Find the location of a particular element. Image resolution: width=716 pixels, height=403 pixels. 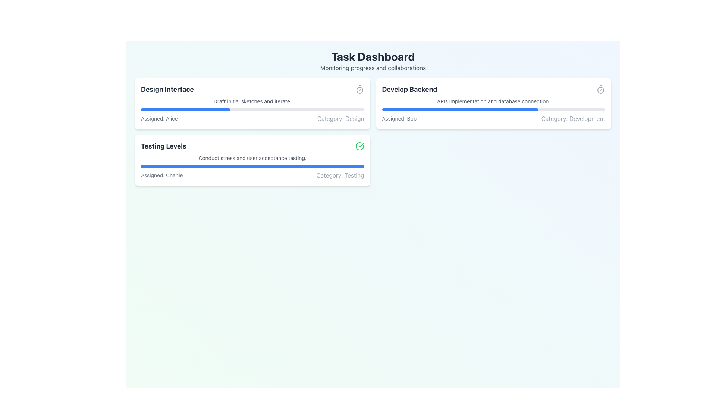

the text label displaying 'Develop Backend', which is styled in bold and located at the top of the rightmost card in the interface is located at coordinates (409, 89).